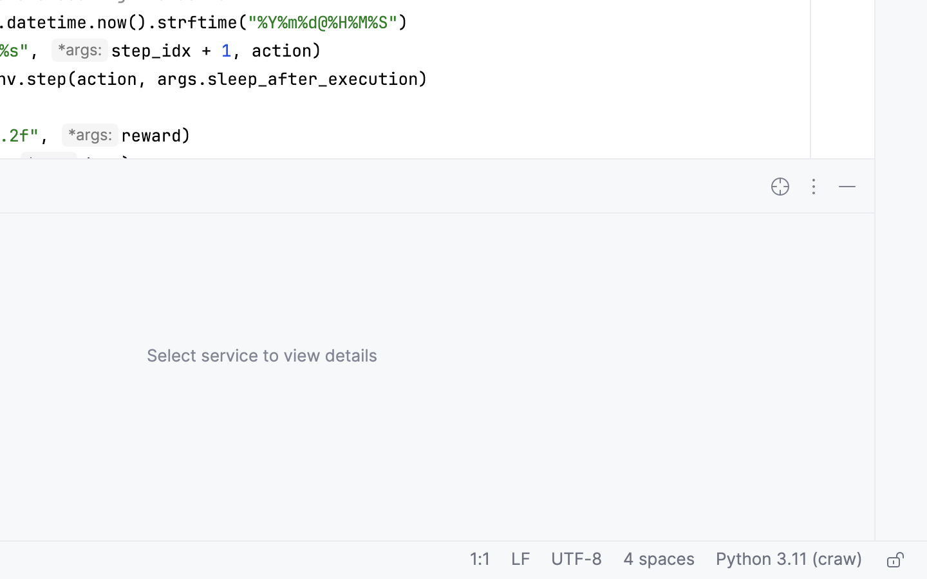 The height and width of the screenshot is (579, 927). Describe the element at coordinates (480, 560) in the screenshot. I see `'1:1'` at that location.